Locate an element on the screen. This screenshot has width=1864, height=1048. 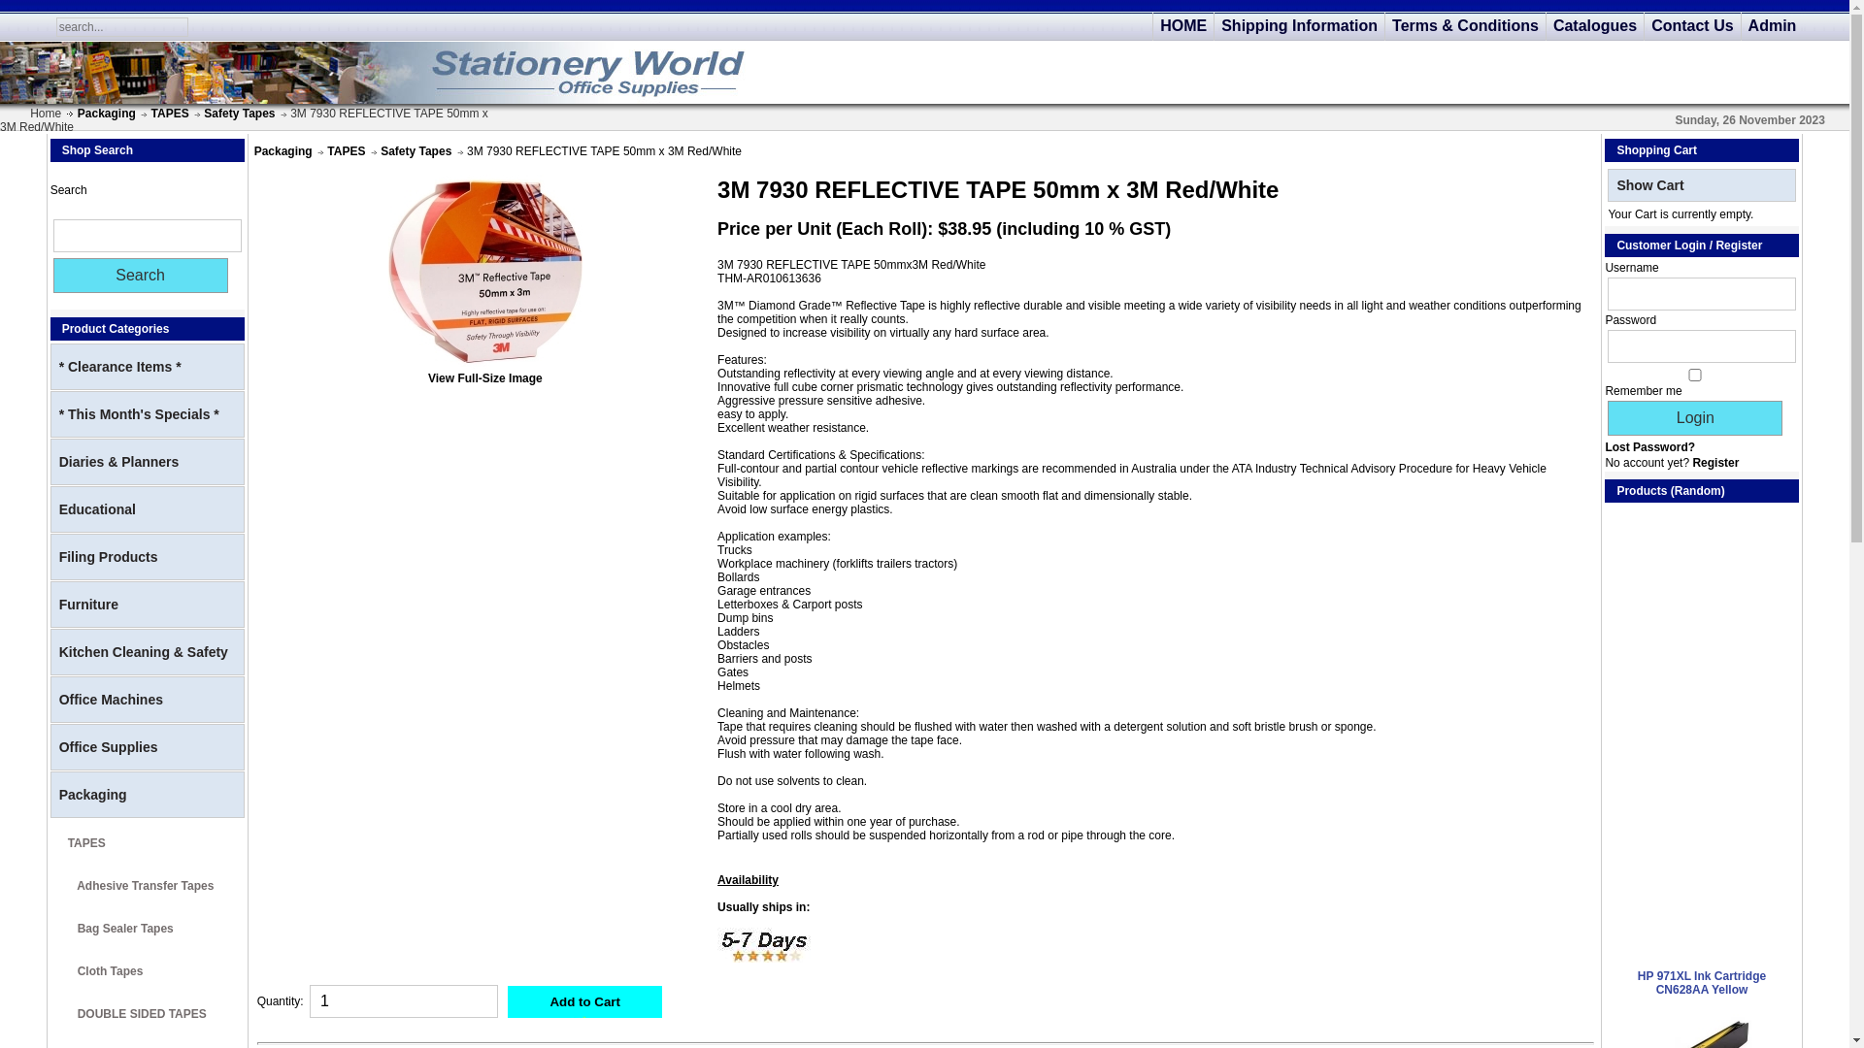
'      Adhesive Transfer Tapes' is located at coordinates (147, 883).